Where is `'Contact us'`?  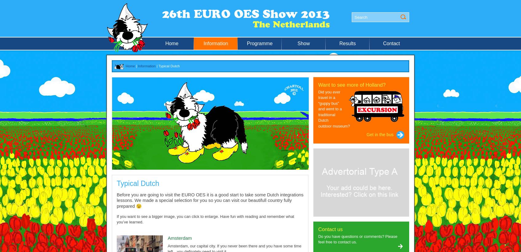 'Contact us' is located at coordinates (330, 229).